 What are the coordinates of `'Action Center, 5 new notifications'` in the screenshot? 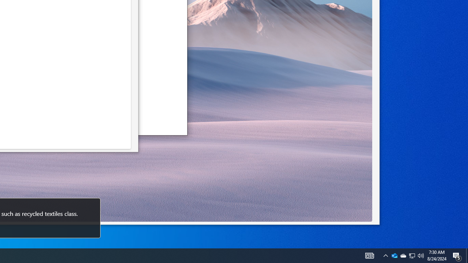 It's located at (457, 255).